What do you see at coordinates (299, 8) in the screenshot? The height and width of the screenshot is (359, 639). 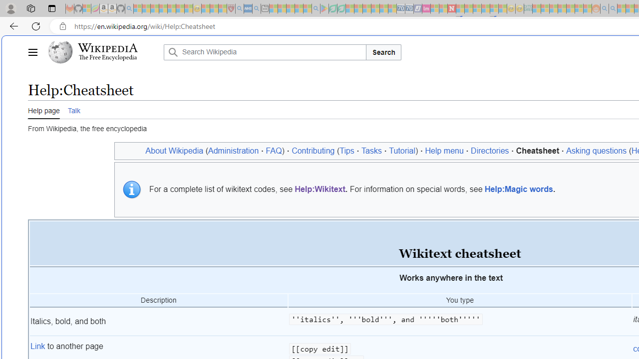 I see `'Pets - MSN - Sleeping'` at bounding box center [299, 8].